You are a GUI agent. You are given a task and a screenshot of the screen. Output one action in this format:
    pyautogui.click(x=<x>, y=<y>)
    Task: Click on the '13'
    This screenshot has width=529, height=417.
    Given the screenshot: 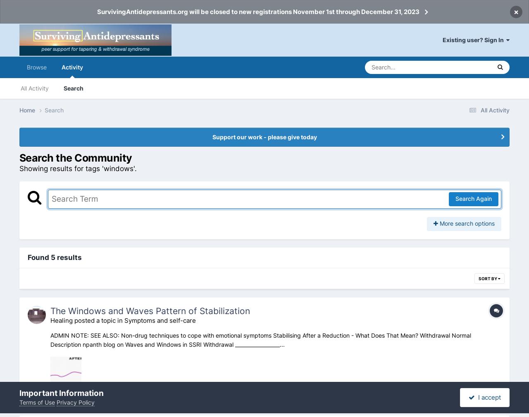 What is the action you would take?
    pyautogui.click(x=162, y=398)
    